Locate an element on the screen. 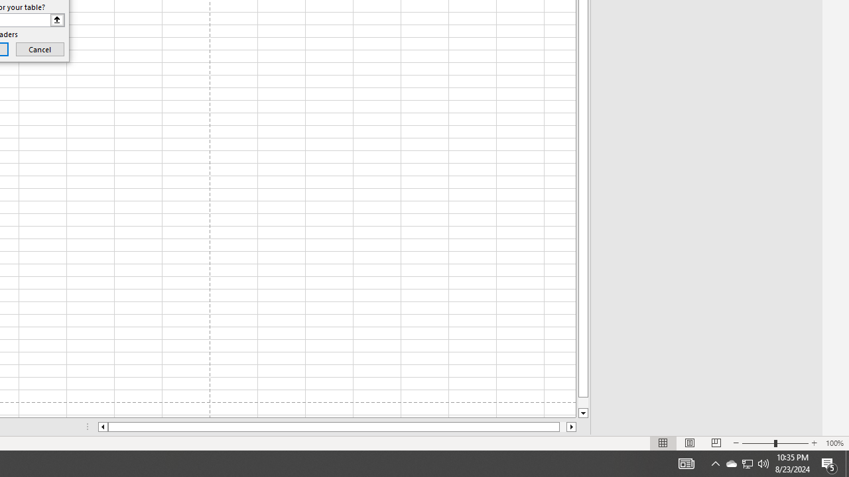  'Zoom' is located at coordinates (775, 443).